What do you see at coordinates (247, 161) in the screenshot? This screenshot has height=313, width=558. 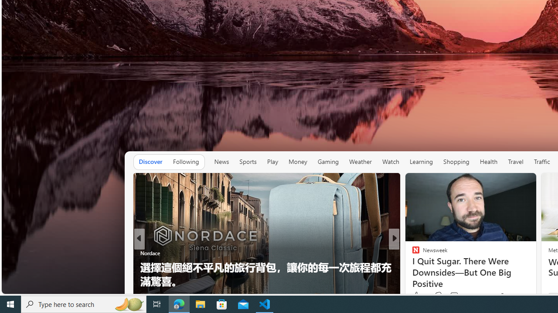 I see `'Sports'` at bounding box center [247, 161].